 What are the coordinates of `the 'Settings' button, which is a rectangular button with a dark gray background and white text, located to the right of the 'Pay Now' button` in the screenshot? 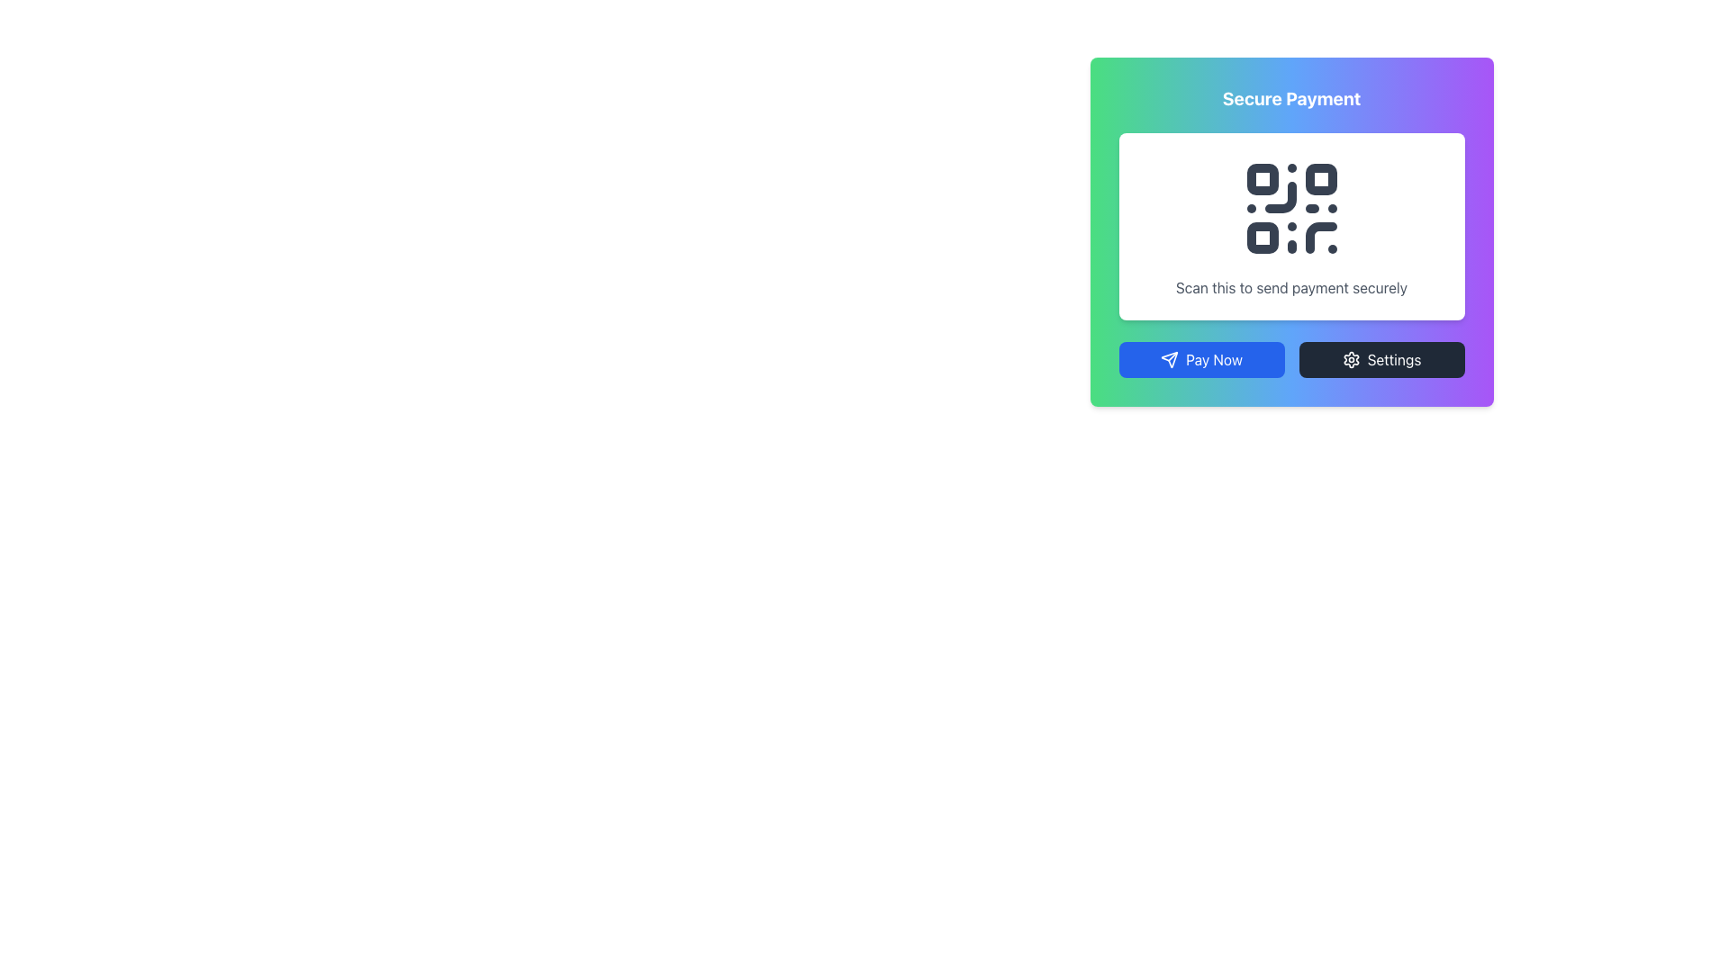 It's located at (1380, 360).